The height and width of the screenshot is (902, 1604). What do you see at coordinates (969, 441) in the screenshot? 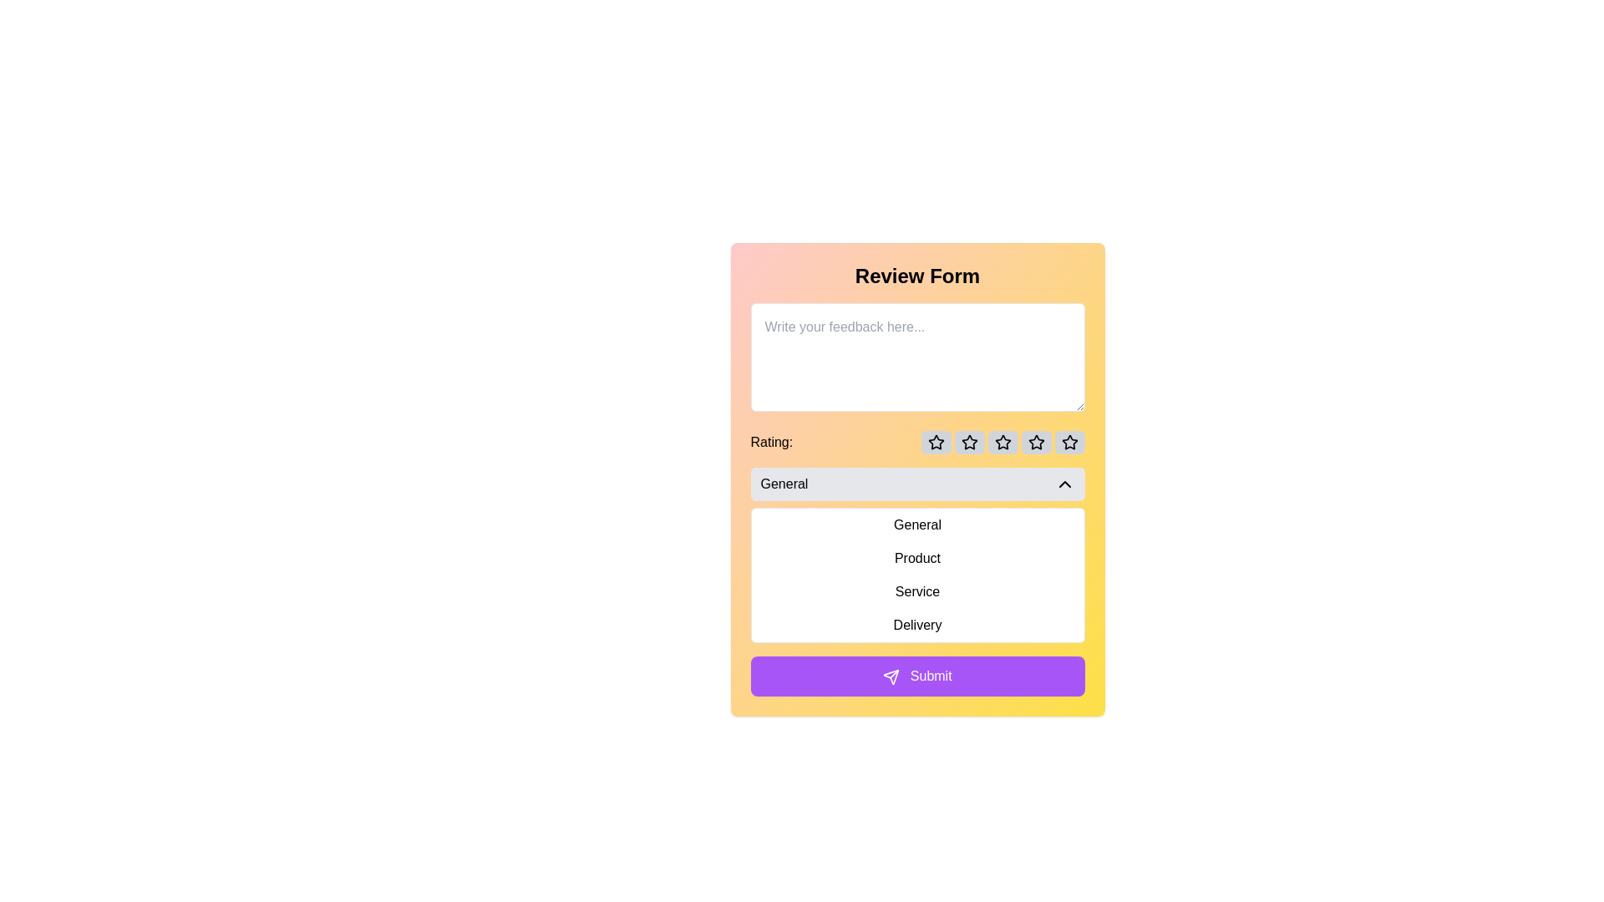
I see `the second star icon in the rating system` at bounding box center [969, 441].